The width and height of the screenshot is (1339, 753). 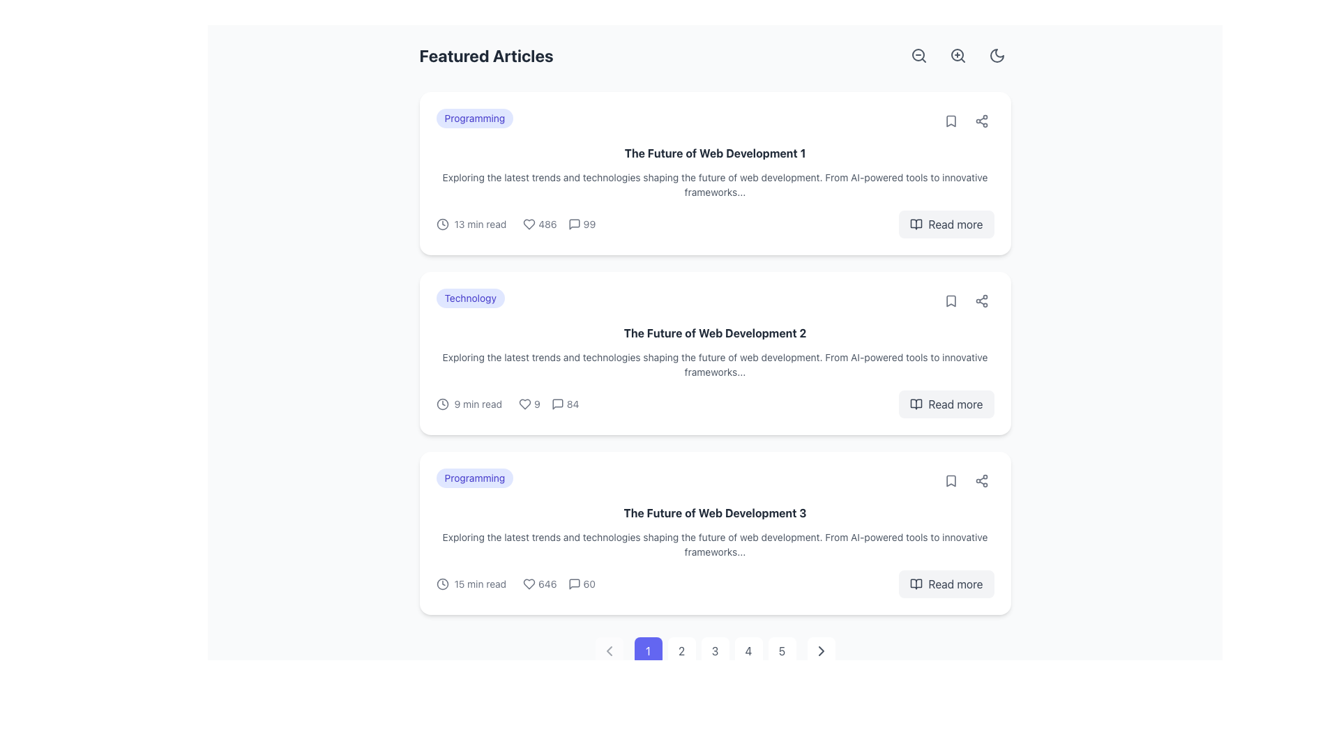 What do you see at coordinates (609, 651) in the screenshot?
I see `the previous page navigation icon, which is the central component of the white button located to the left of the numeric pagination controls at the bottom of the interface` at bounding box center [609, 651].